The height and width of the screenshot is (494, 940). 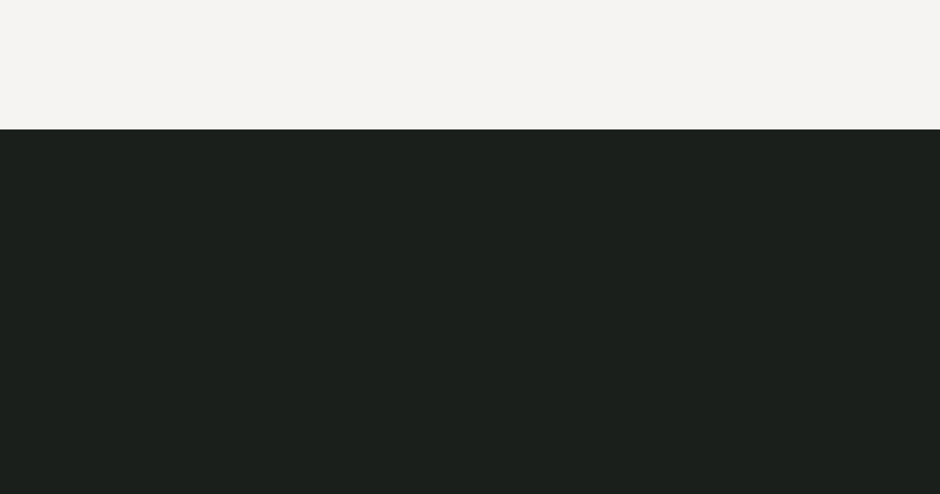 What do you see at coordinates (106, 230) in the screenshot?
I see `'DATUM'` at bounding box center [106, 230].